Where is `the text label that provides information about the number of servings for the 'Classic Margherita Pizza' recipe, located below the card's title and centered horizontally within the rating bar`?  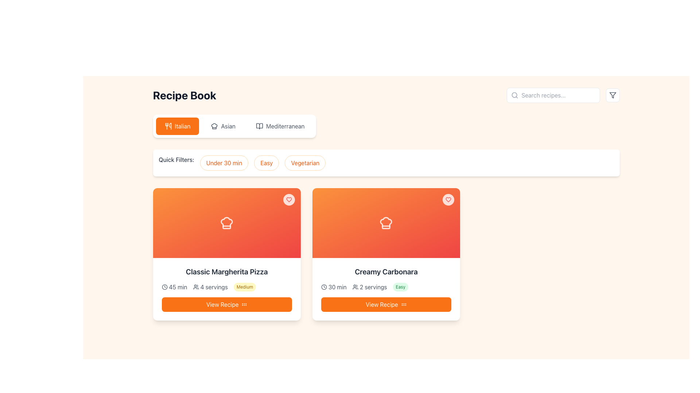 the text label that provides information about the number of servings for the 'Classic Margherita Pizza' recipe, located below the card's title and centered horizontally within the rating bar is located at coordinates (213, 287).